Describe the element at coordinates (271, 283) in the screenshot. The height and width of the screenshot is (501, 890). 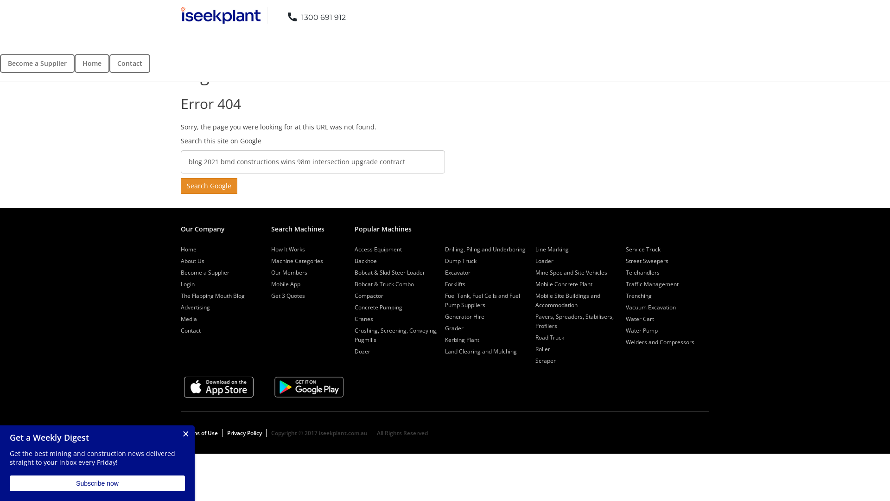
I see `'Mobile App'` at that location.